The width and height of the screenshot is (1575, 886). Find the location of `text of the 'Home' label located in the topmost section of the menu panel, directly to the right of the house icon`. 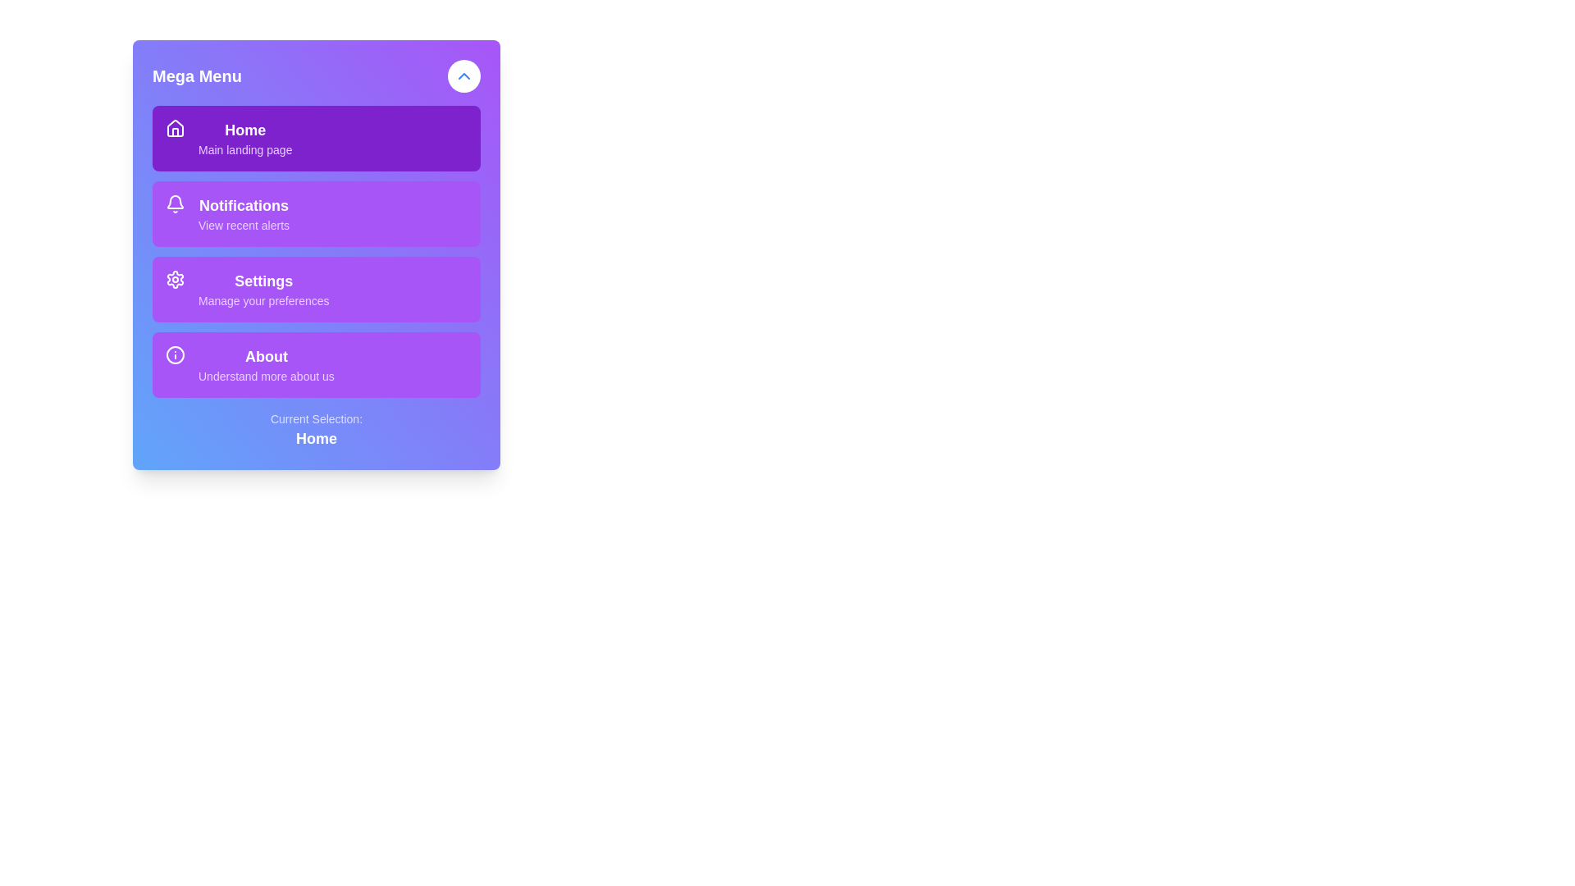

text of the 'Home' label located in the topmost section of the menu panel, directly to the right of the house icon is located at coordinates (244, 129).